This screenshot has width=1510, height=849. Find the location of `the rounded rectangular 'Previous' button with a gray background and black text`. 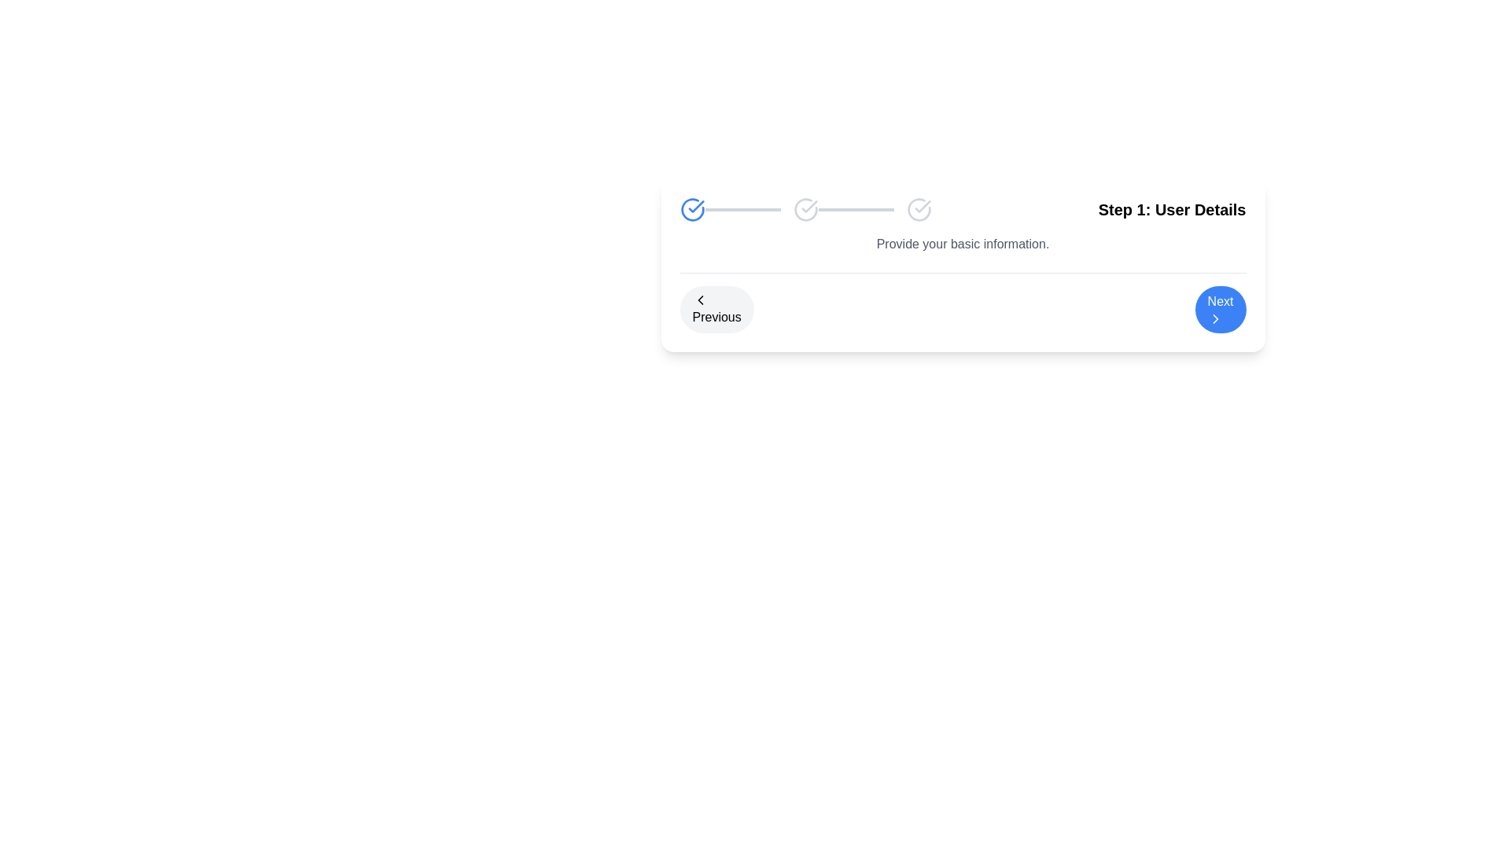

the rounded rectangular 'Previous' button with a gray background and black text is located at coordinates (716, 309).